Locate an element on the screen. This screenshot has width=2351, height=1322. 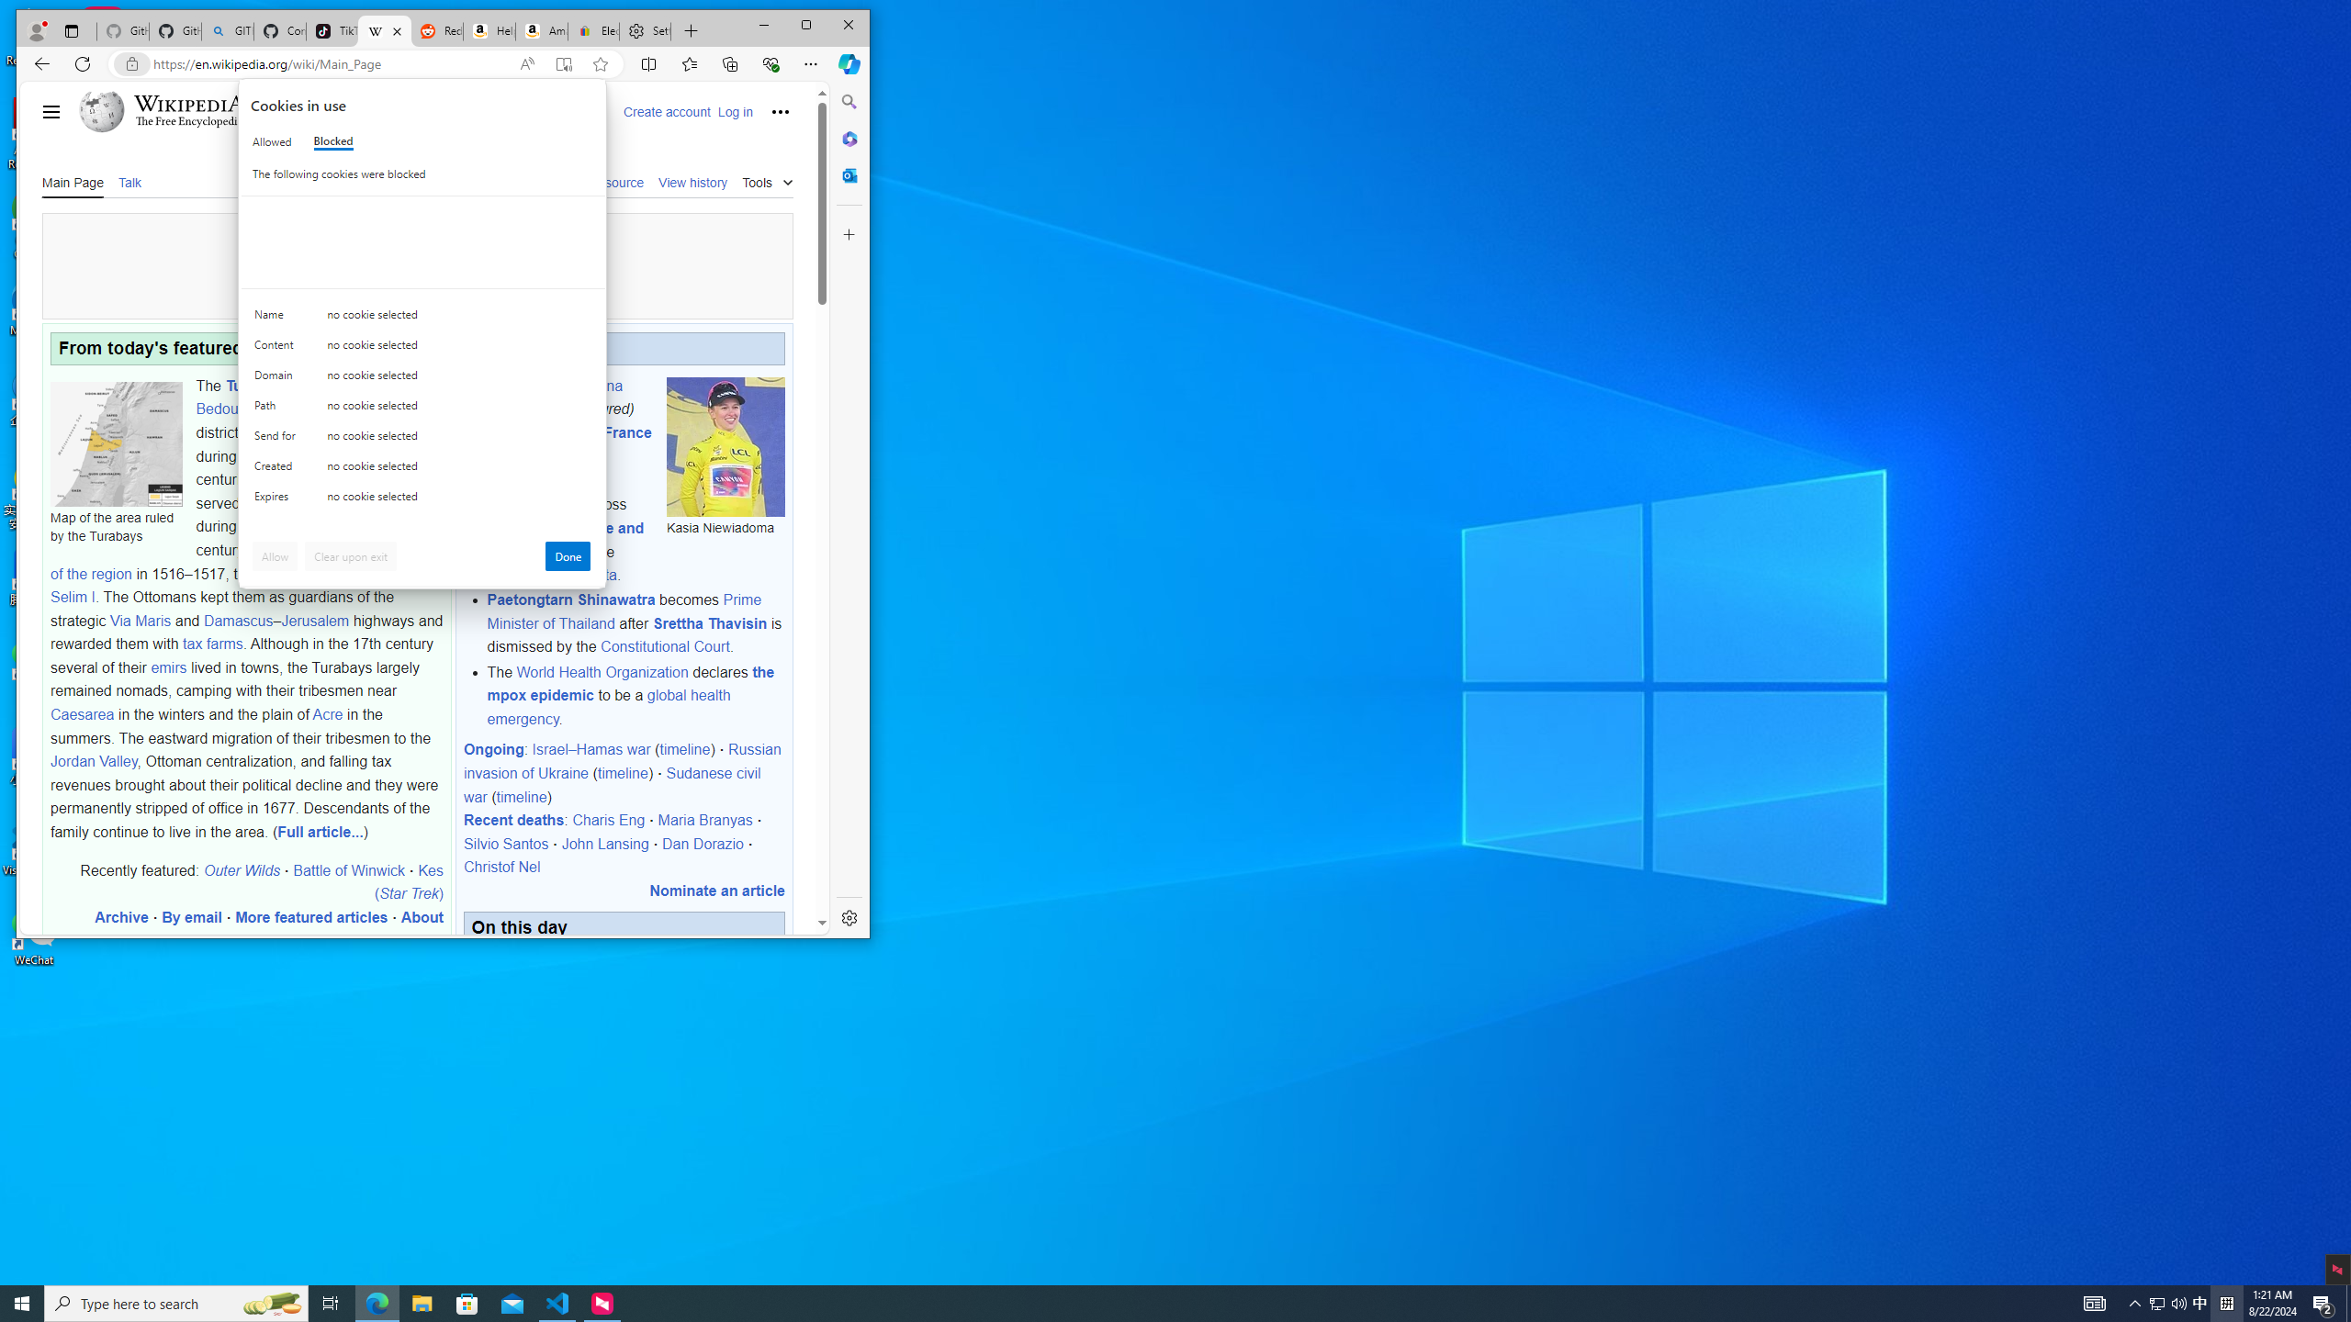
'Microsoft Edge - 1 running window' is located at coordinates (376, 1302).